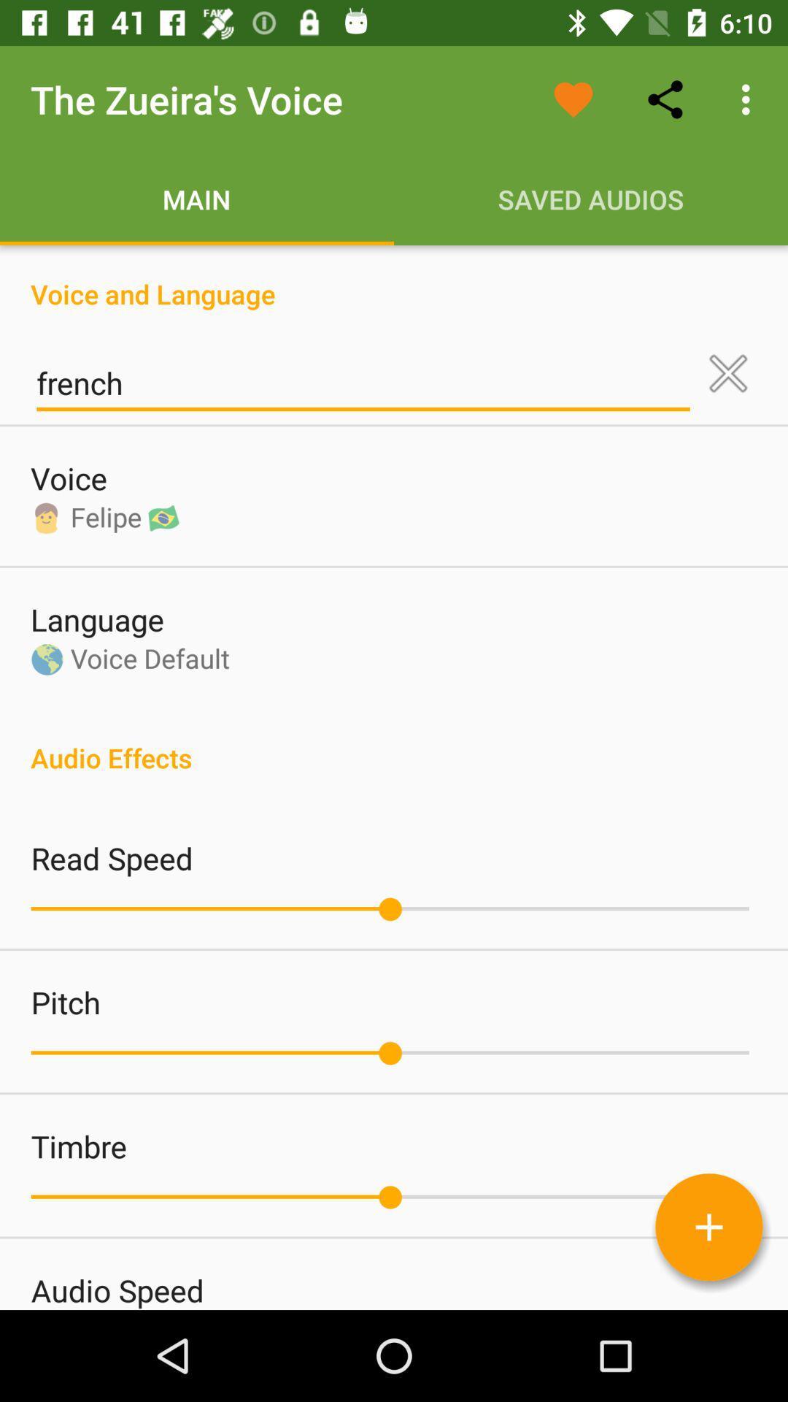 The image size is (788, 1402). What do you see at coordinates (728, 373) in the screenshot?
I see `the icon next to french` at bounding box center [728, 373].